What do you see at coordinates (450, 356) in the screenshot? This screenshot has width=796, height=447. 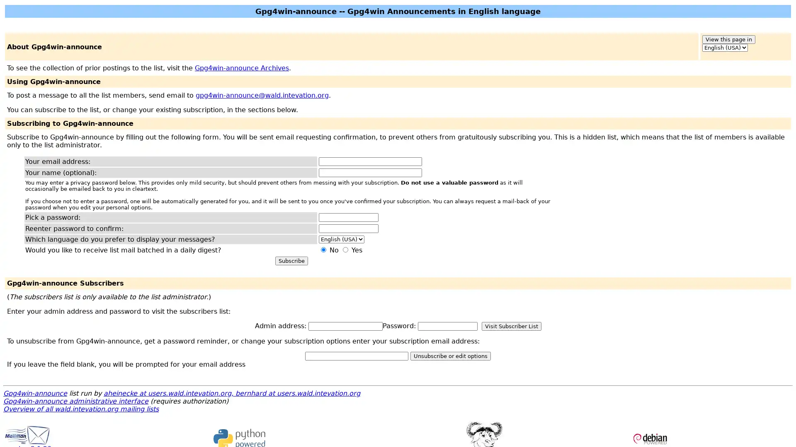 I see `Unsubscribe or edit options` at bounding box center [450, 356].